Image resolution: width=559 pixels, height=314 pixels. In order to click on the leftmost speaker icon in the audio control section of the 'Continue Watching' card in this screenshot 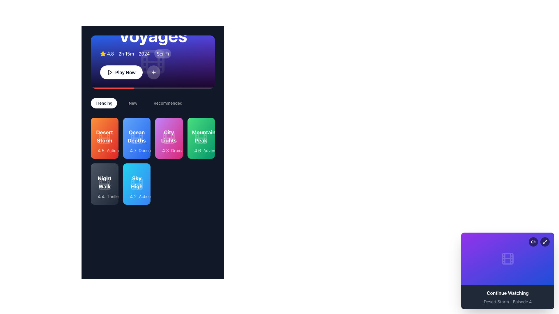, I will do `click(532, 242)`.